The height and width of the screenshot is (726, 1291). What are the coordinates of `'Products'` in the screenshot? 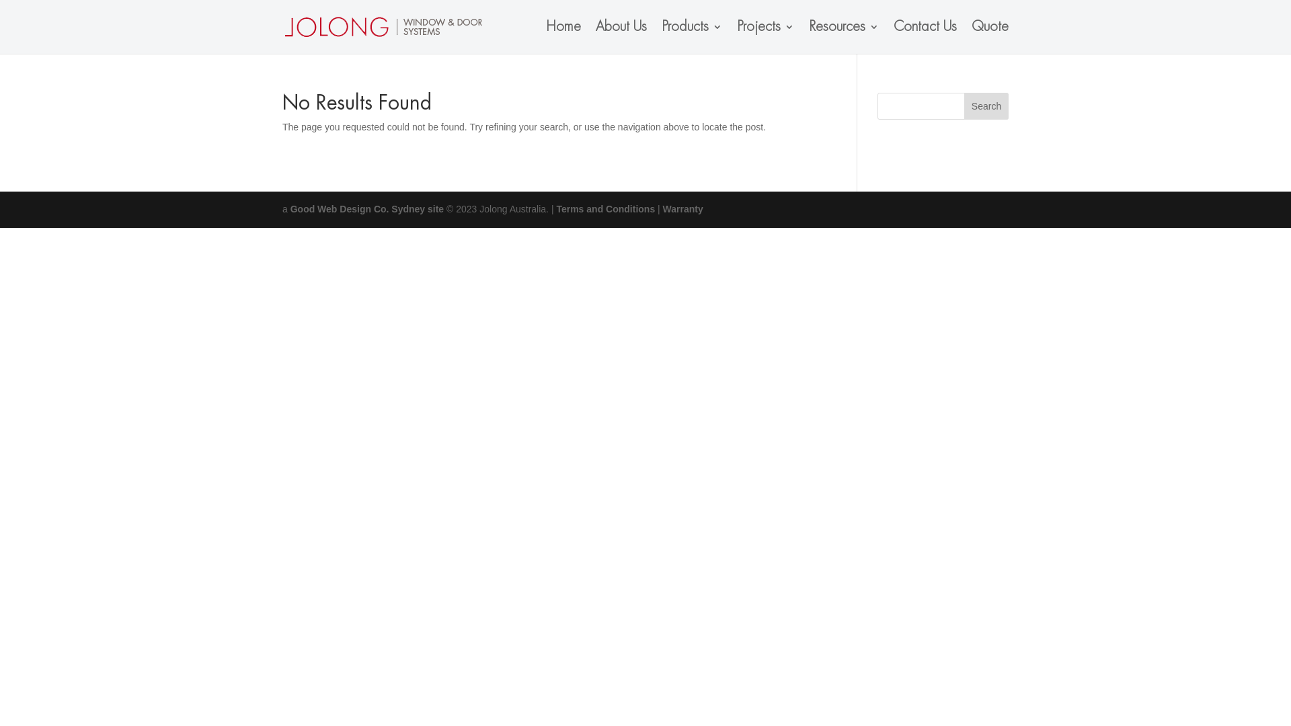 It's located at (691, 37).